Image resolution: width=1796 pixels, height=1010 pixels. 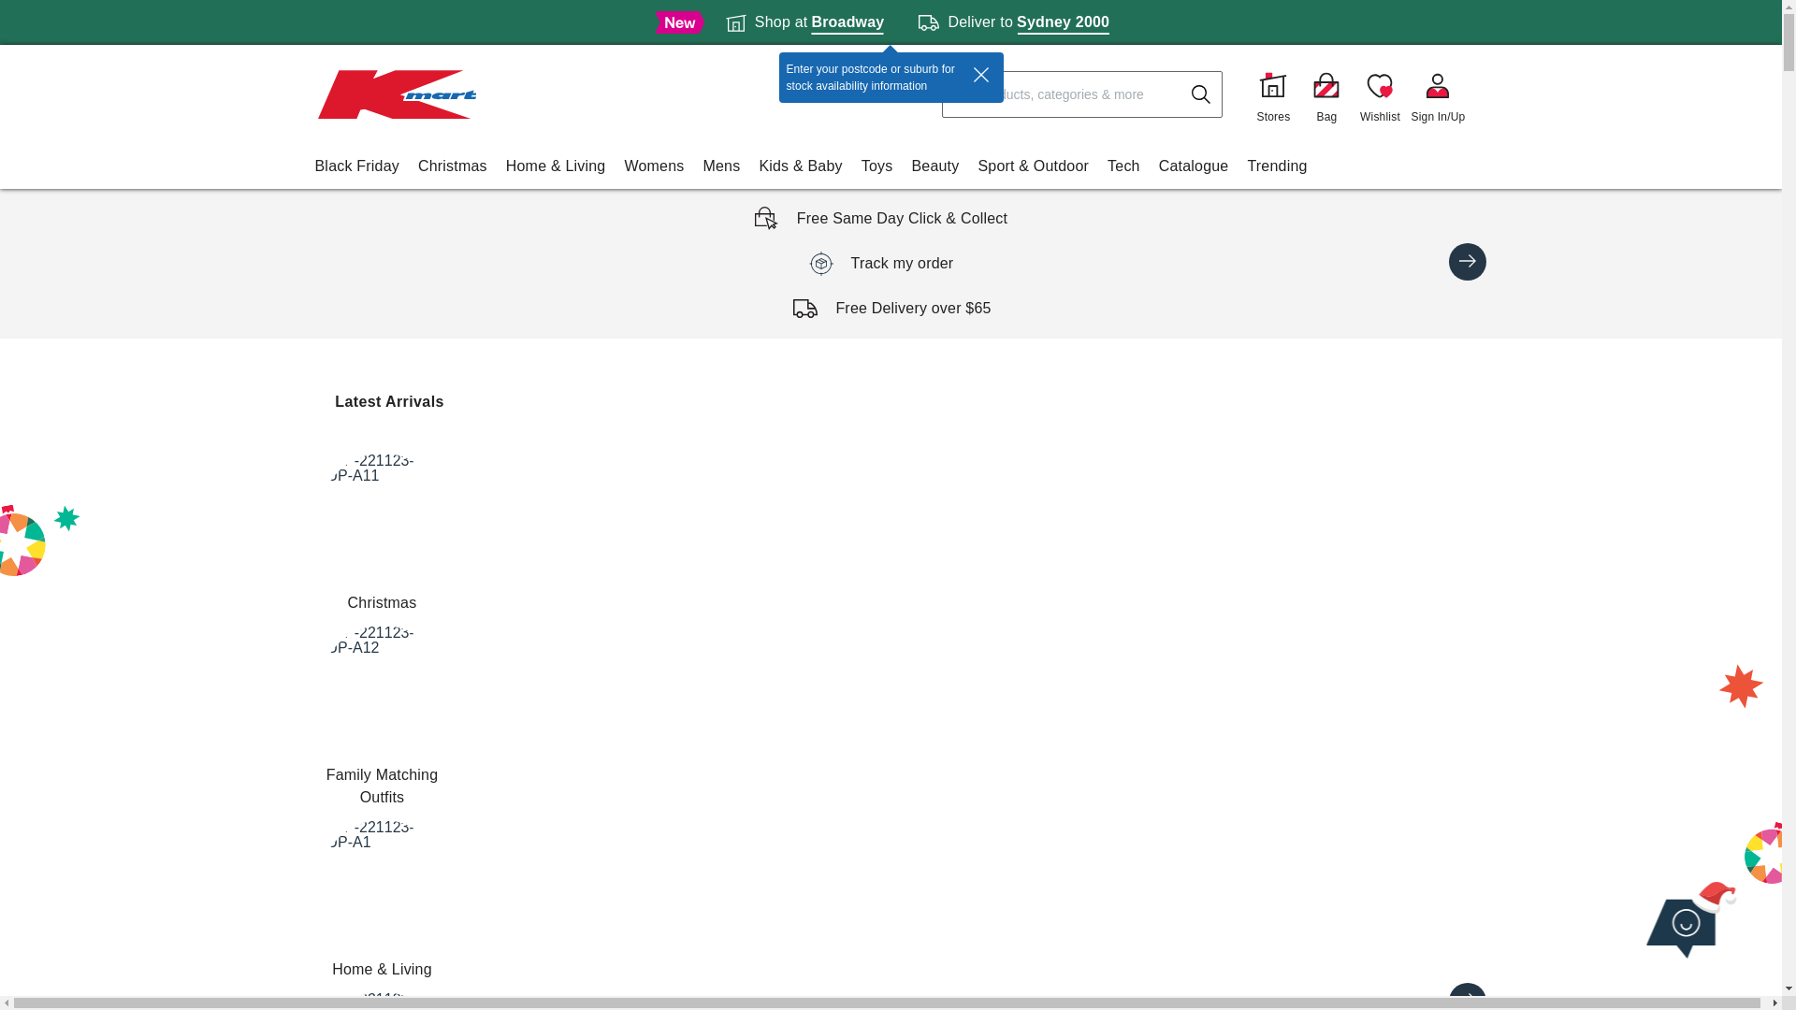 I want to click on 'Catalogue', so click(x=1193, y=165).